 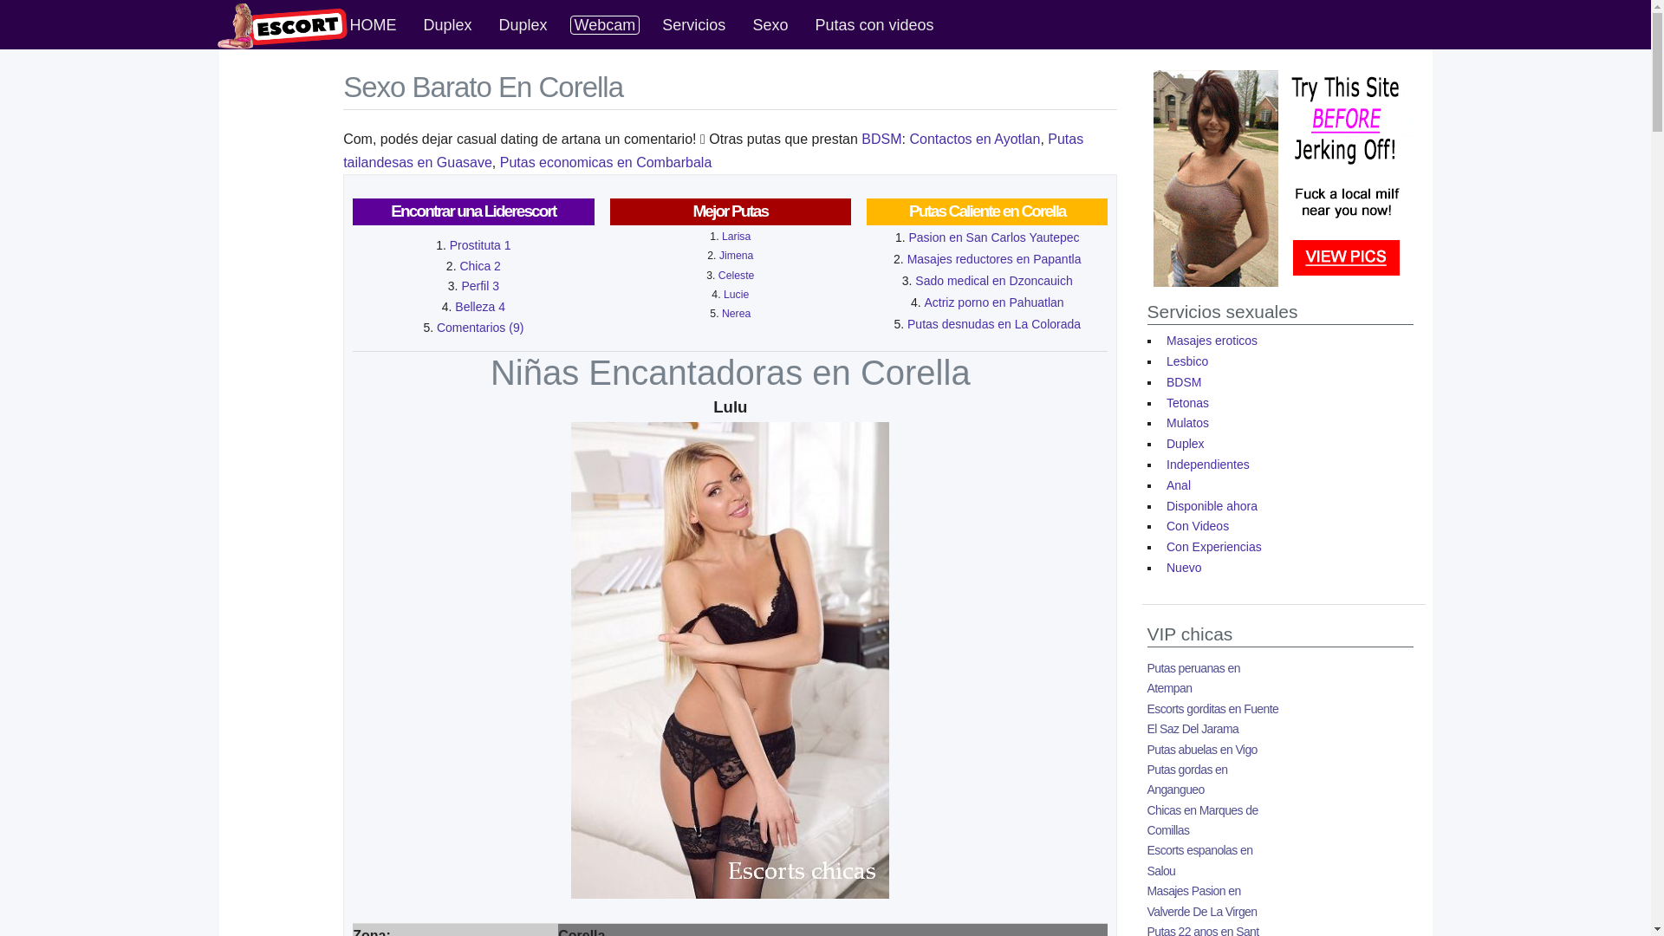 I want to click on 'Servicios', so click(x=693, y=25).